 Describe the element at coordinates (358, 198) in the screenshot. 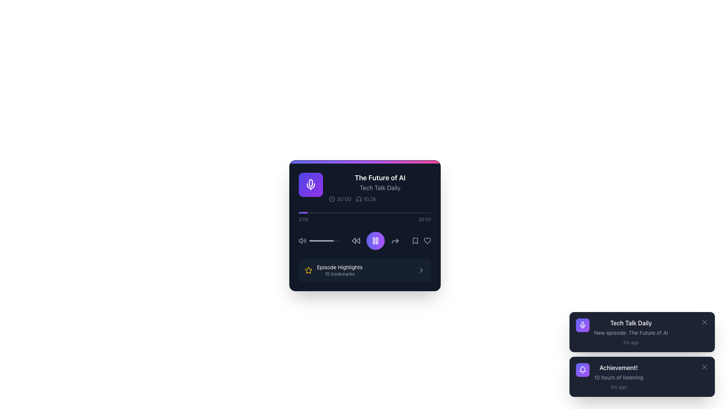

I see `the small monochromatic headphone icon located to the left of the numerical text '10.2k' within the main content card` at that location.